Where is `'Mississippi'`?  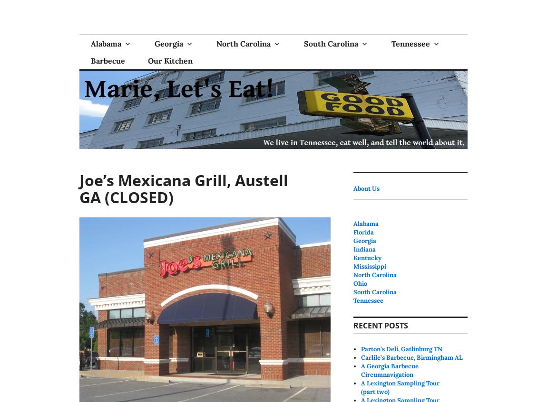
'Mississippi' is located at coordinates (369, 266).